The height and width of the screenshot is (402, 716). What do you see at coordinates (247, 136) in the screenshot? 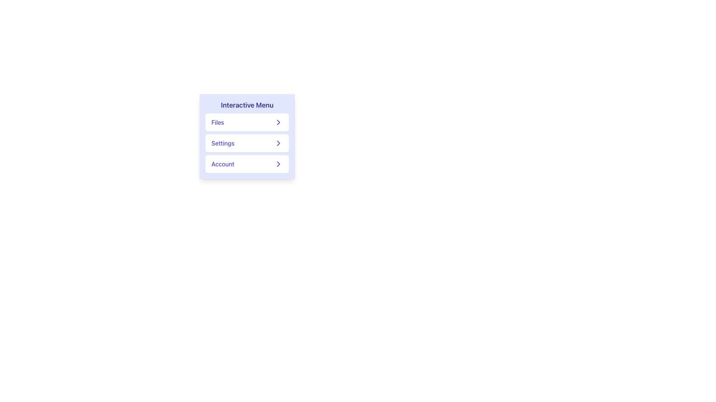
I see `the middle option of the 'Interactive Menu', which is styled with a light blue background and has a bold blue font` at bounding box center [247, 136].